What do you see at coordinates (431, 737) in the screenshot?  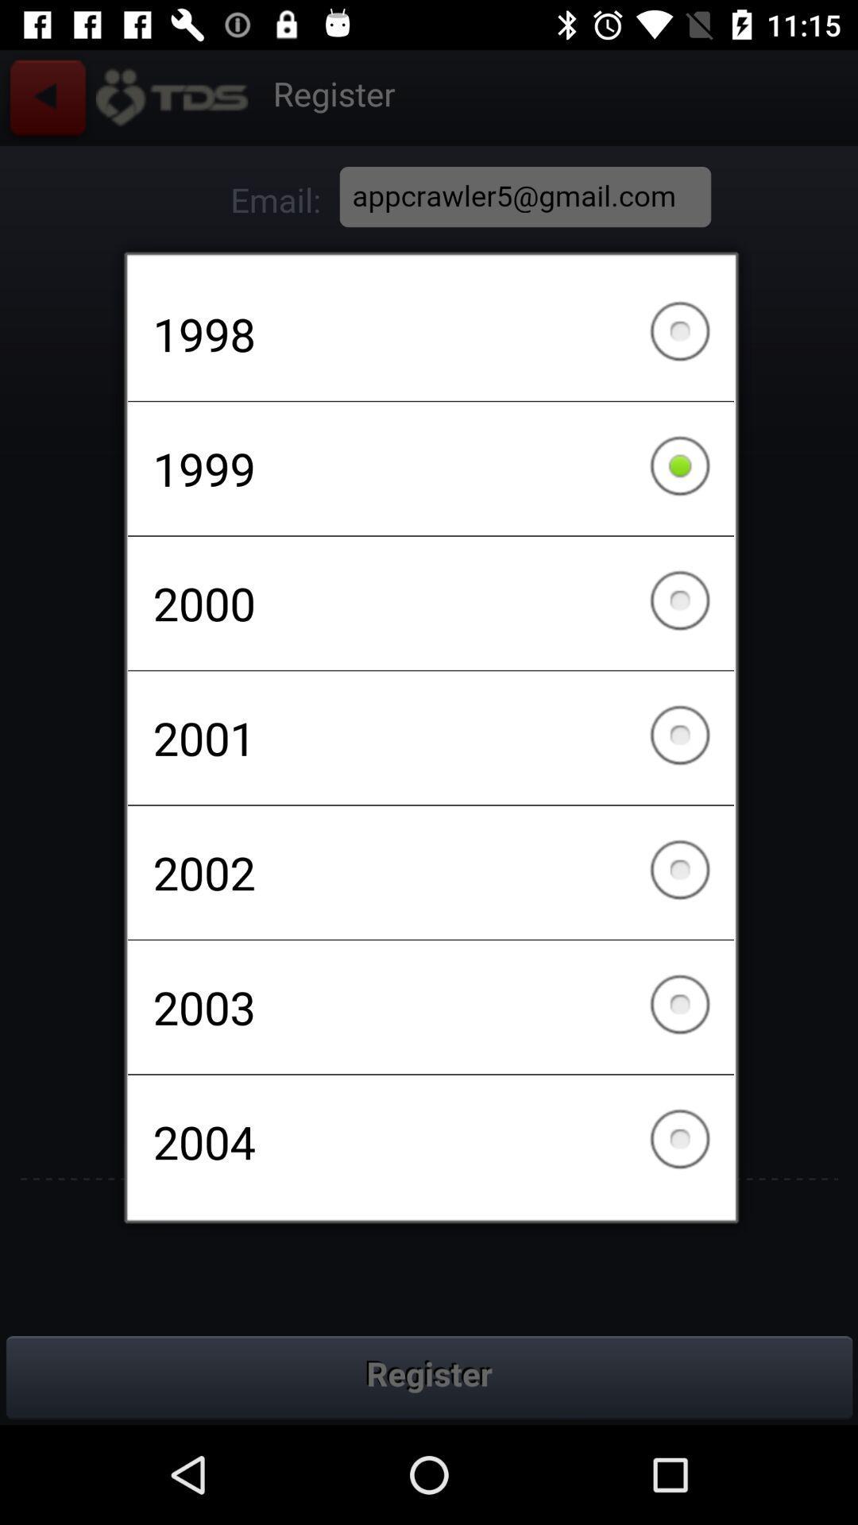 I see `the icon above 2002 checkbox` at bounding box center [431, 737].